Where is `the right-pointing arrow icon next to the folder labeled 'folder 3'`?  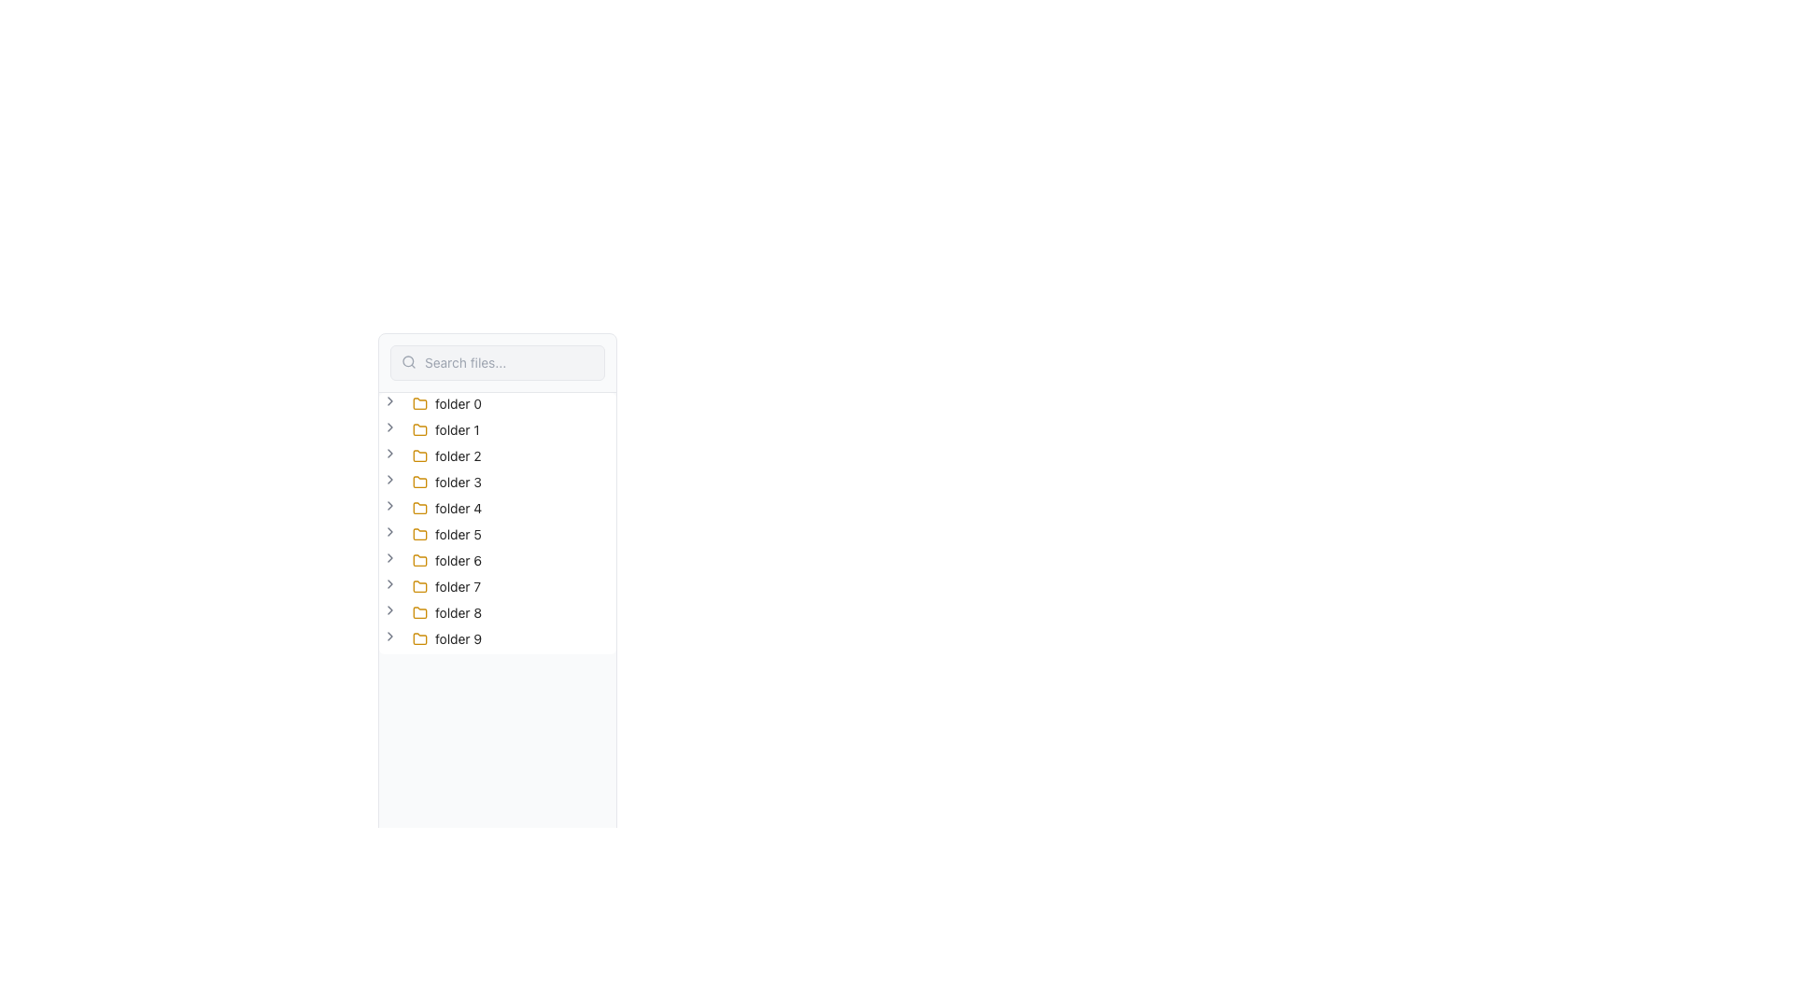 the right-pointing arrow icon next to the folder labeled 'folder 3' is located at coordinates (388, 481).